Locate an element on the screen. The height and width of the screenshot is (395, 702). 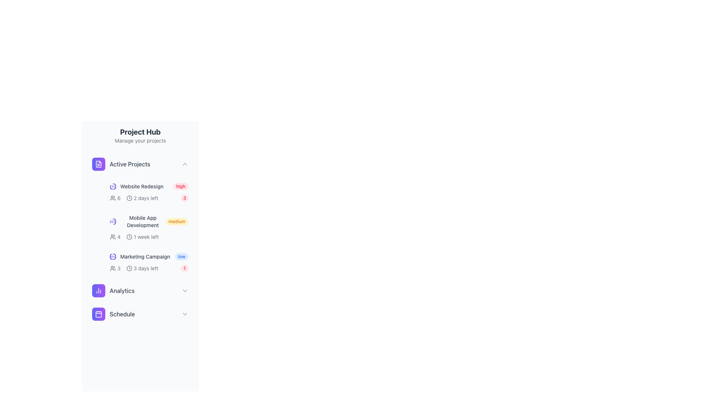
the static information indicator displaying '2 days left' with a clock icon, located in the 'Active Projects' section of the 'Website Redesign' project row is located at coordinates (142, 198).